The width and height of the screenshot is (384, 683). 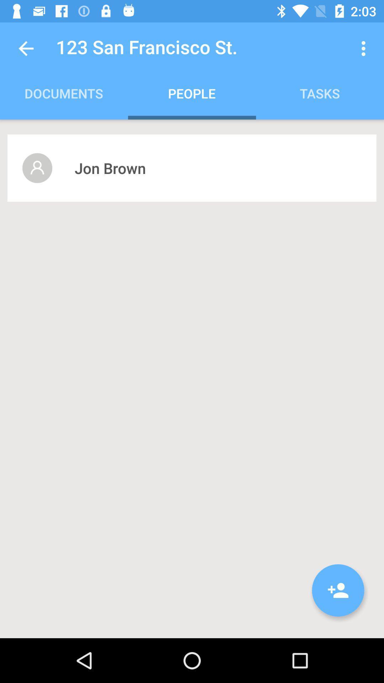 I want to click on icon next to the 123 san francisco icon, so click(x=26, y=48).